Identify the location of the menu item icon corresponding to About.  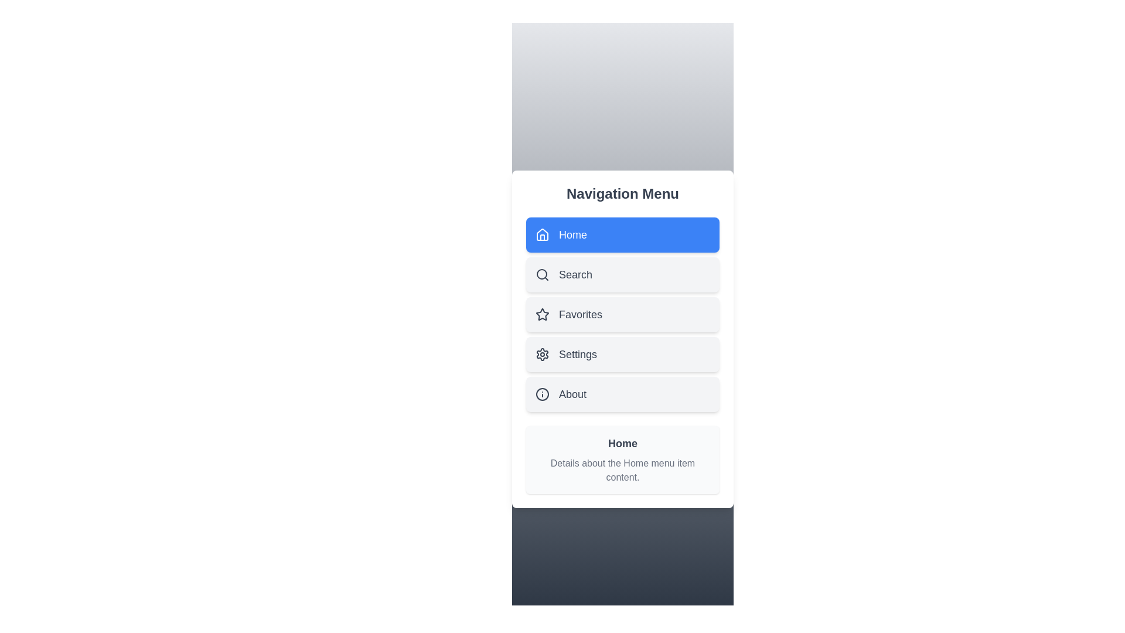
(542, 394).